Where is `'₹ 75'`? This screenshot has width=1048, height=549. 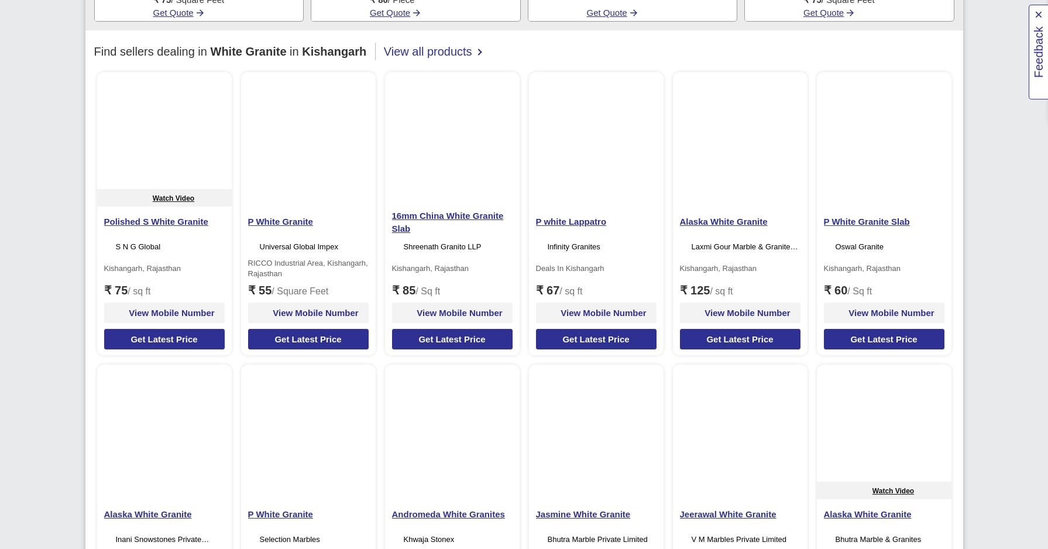 '₹ 75' is located at coordinates (103, 290).